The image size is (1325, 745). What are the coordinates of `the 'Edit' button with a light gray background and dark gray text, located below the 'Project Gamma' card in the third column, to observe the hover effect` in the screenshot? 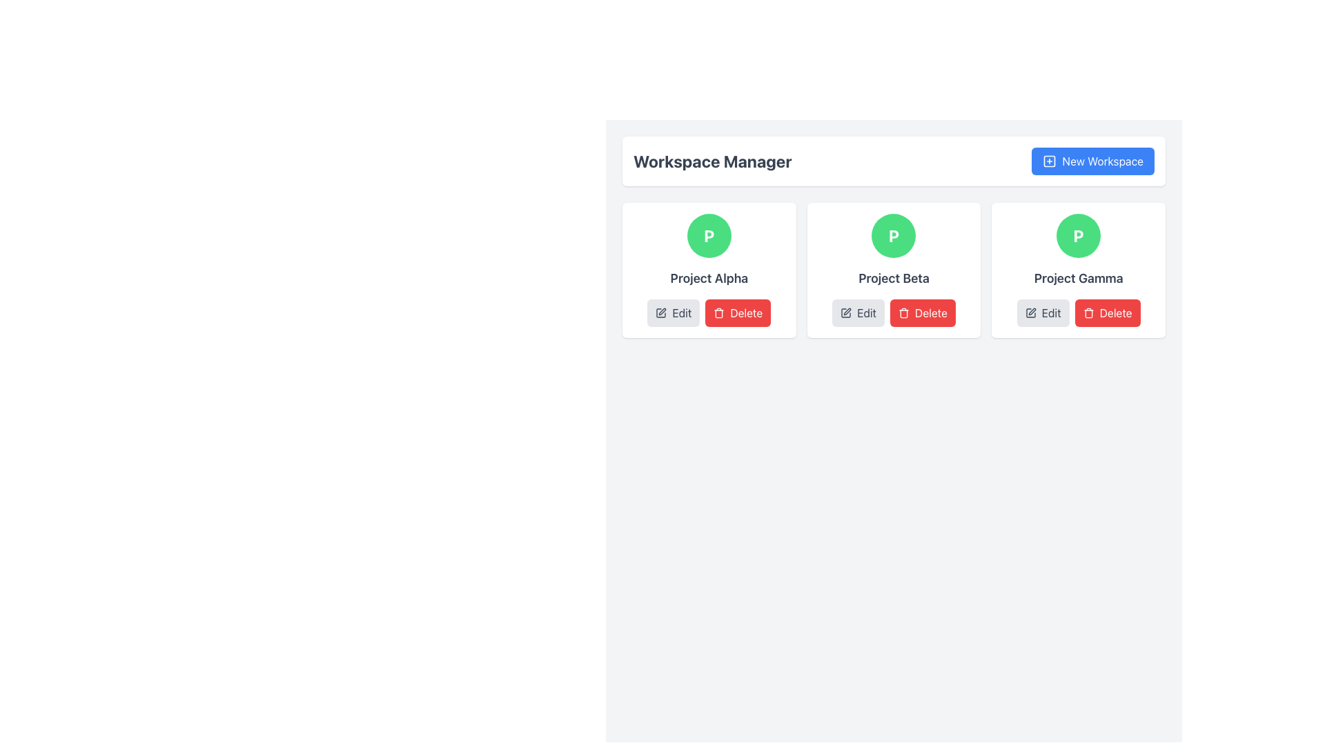 It's located at (1043, 313).